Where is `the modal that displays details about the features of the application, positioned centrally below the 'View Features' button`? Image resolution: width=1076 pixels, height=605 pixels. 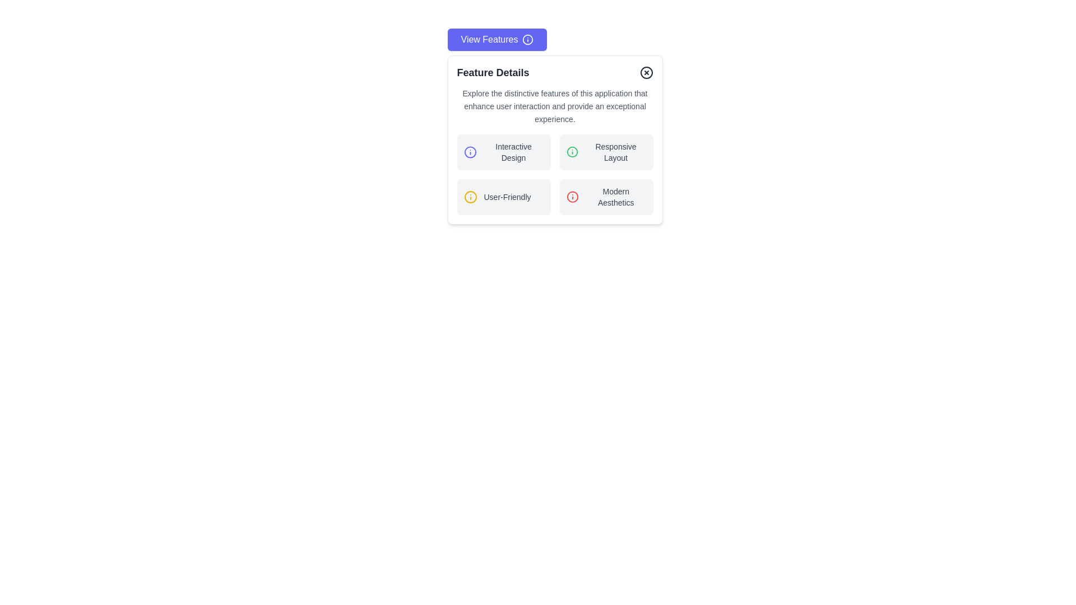 the modal that displays details about the features of the application, positioned centrally below the 'View Features' button is located at coordinates (555, 139).